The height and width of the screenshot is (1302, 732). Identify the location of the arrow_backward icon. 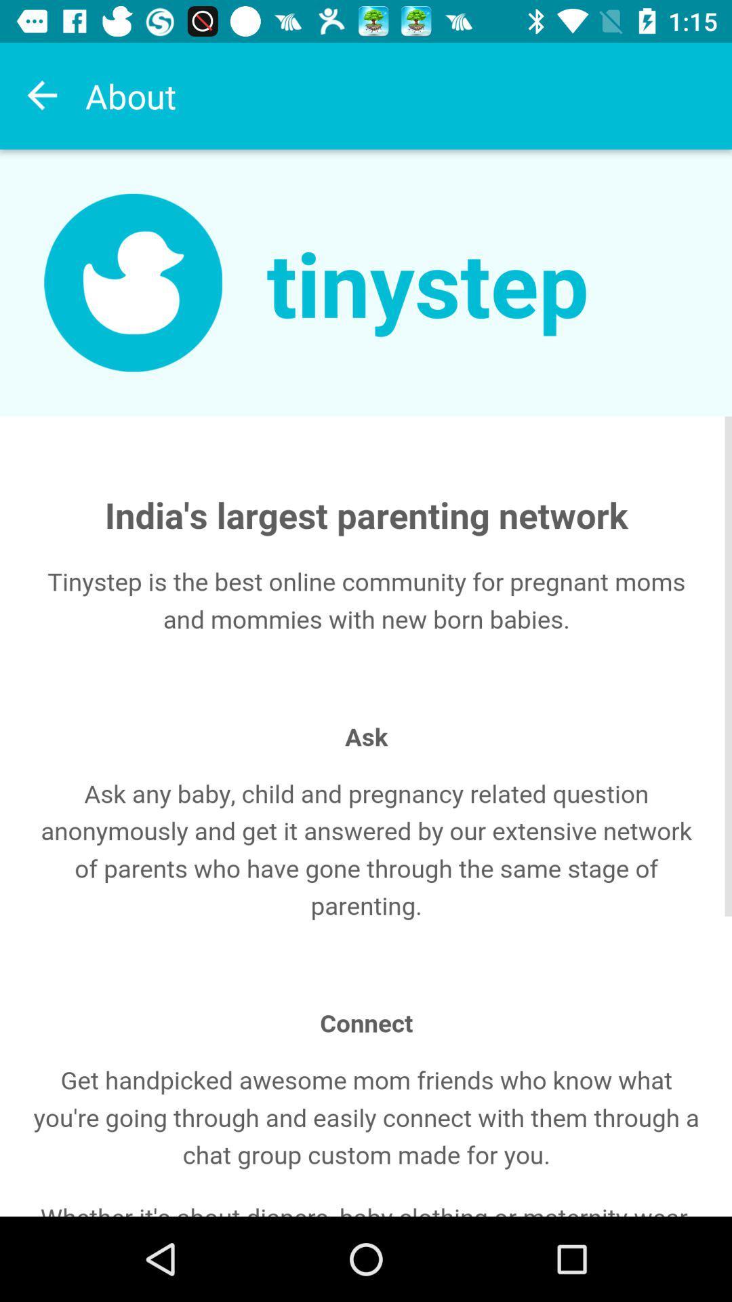
(41, 95).